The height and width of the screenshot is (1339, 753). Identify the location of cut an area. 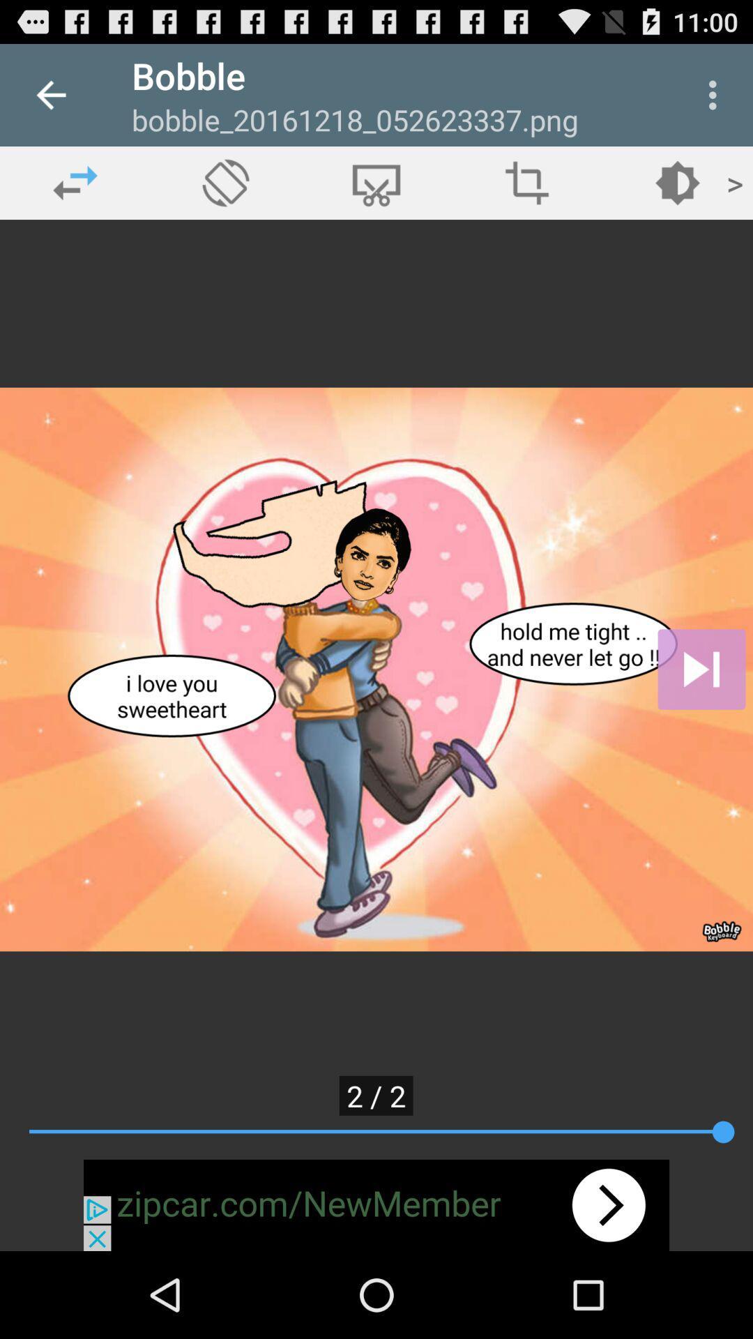
(376, 182).